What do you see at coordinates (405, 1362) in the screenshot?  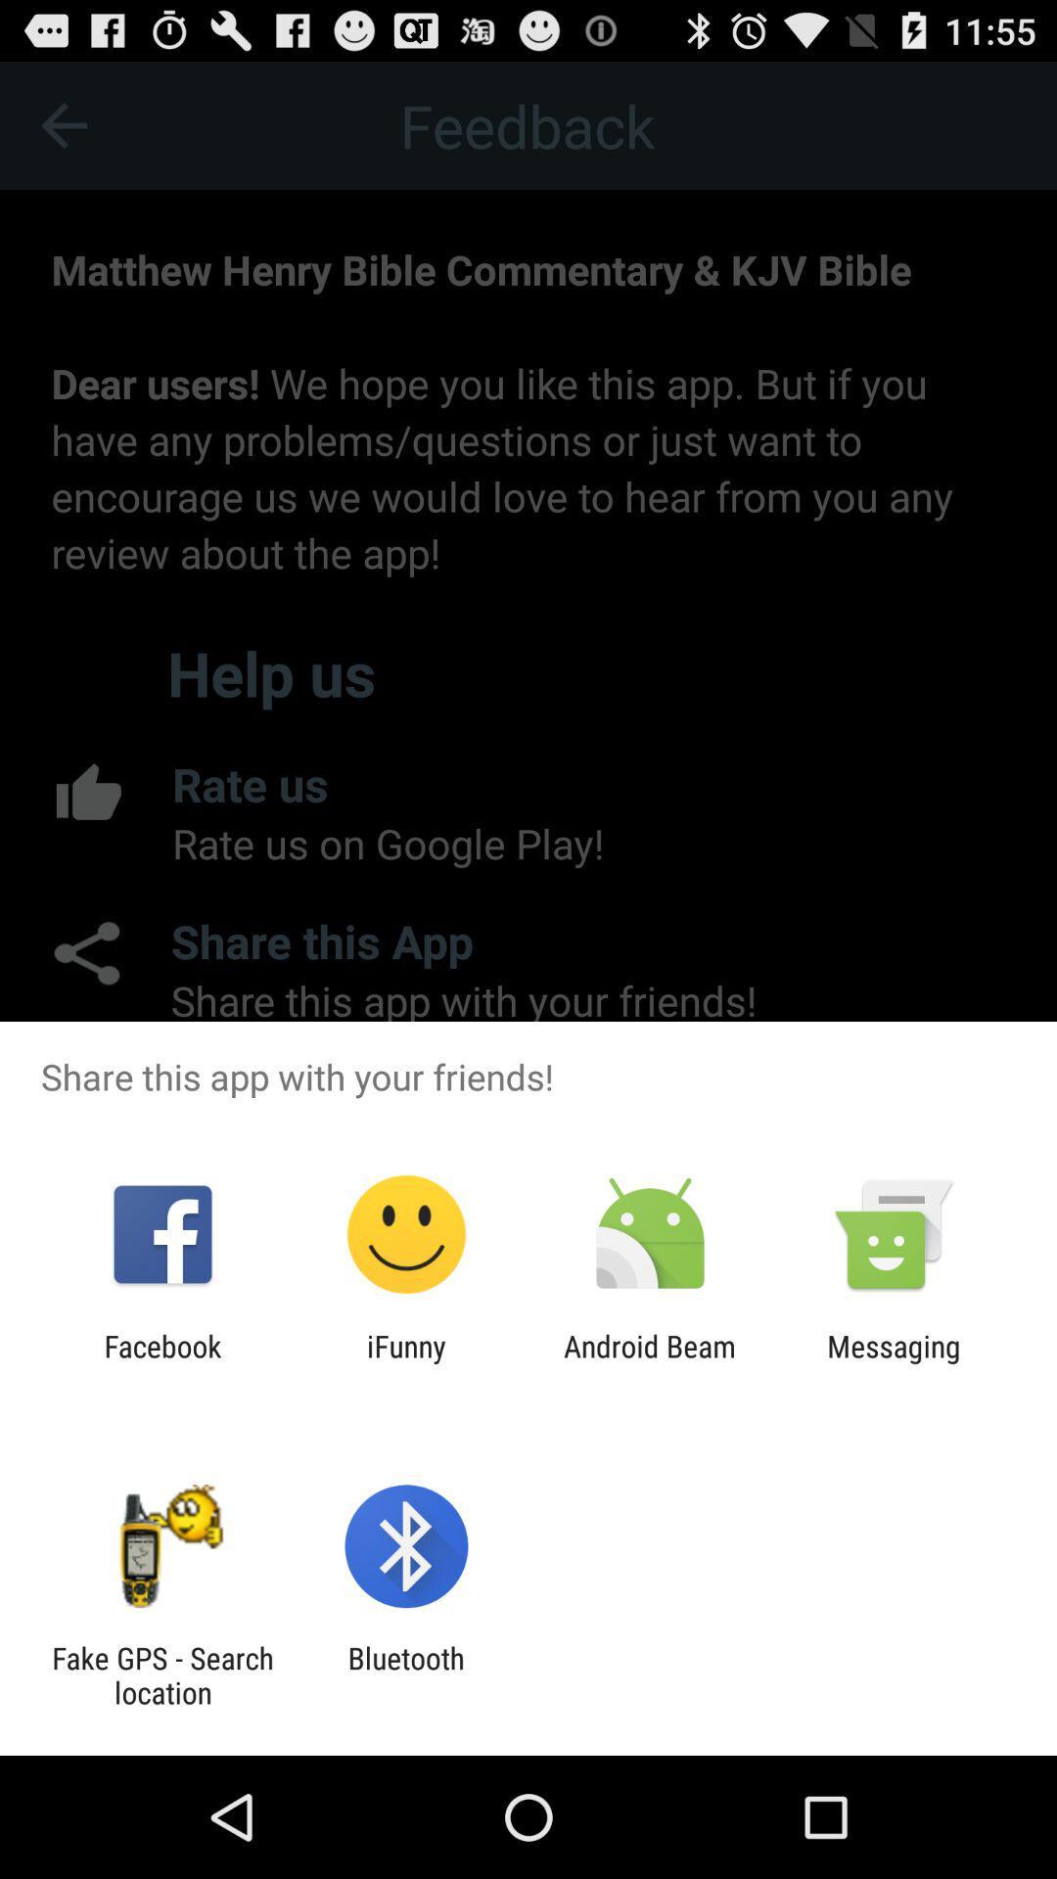 I see `app next to the facebook item` at bounding box center [405, 1362].